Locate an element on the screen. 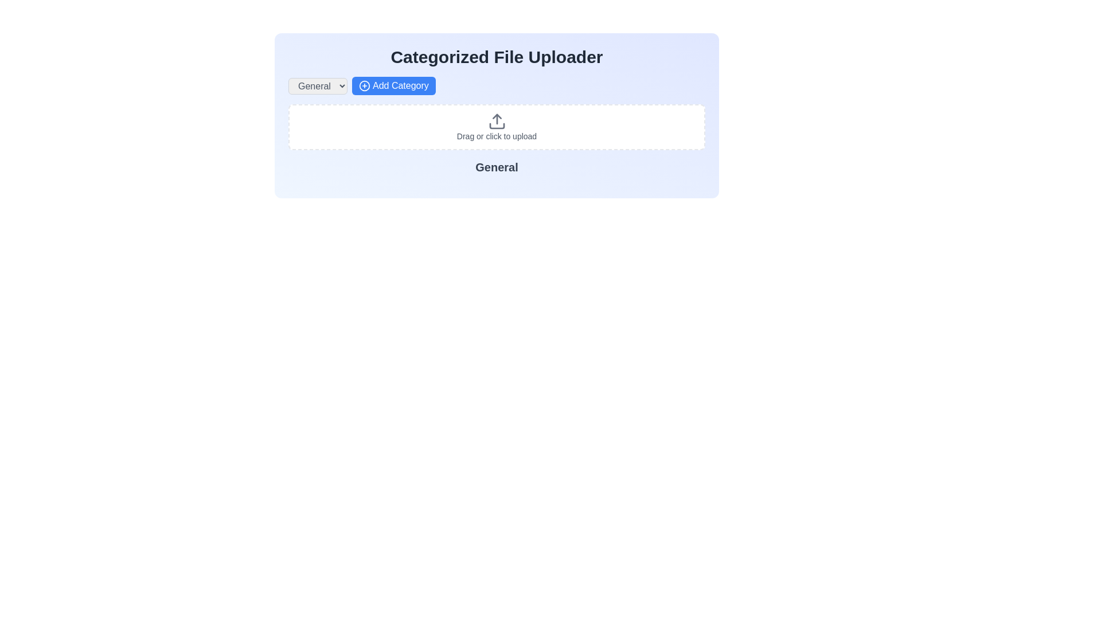 This screenshot has height=619, width=1101. the file upload area, which is a centered block-level element beneath the 'General' dropdown and 'Add Category' button, to trigger the shadow effect is located at coordinates (497, 127).